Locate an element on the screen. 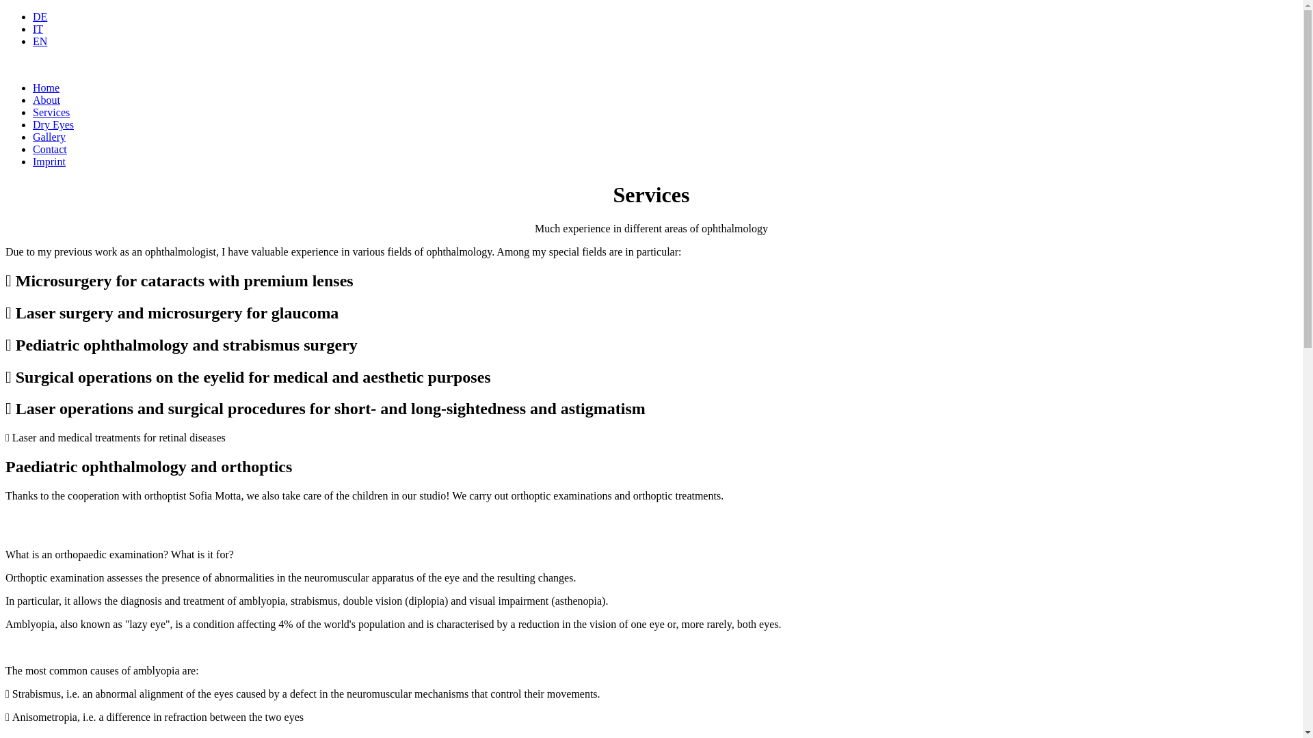 The image size is (1313, 738). 'About' is located at coordinates (33, 99).